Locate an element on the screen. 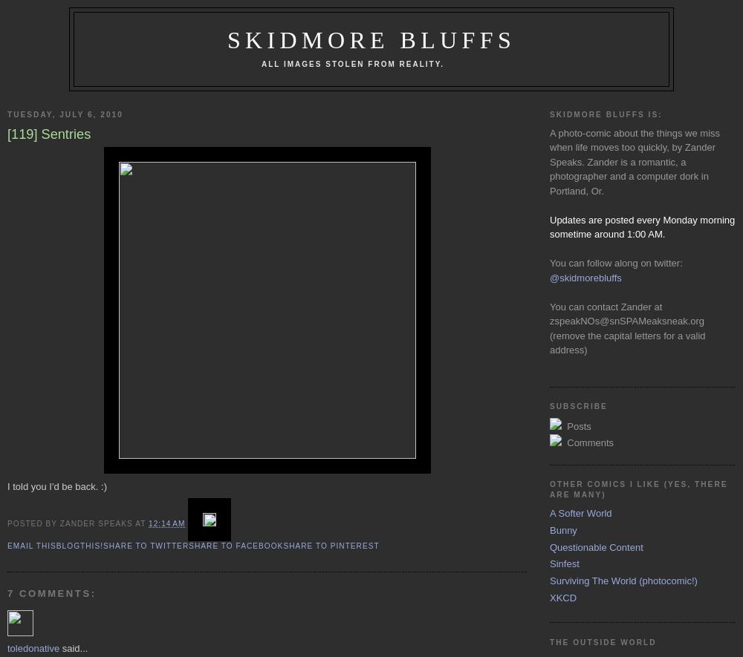 This screenshot has width=743, height=657. 'Posted by' is located at coordinates (33, 522).